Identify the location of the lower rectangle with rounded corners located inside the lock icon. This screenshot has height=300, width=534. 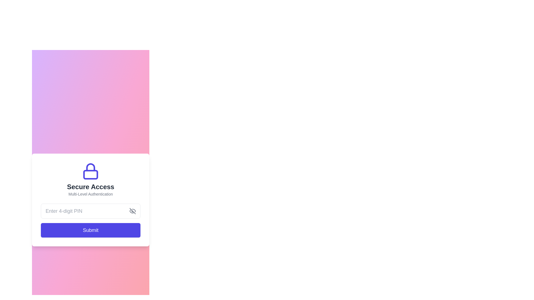
(91, 174).